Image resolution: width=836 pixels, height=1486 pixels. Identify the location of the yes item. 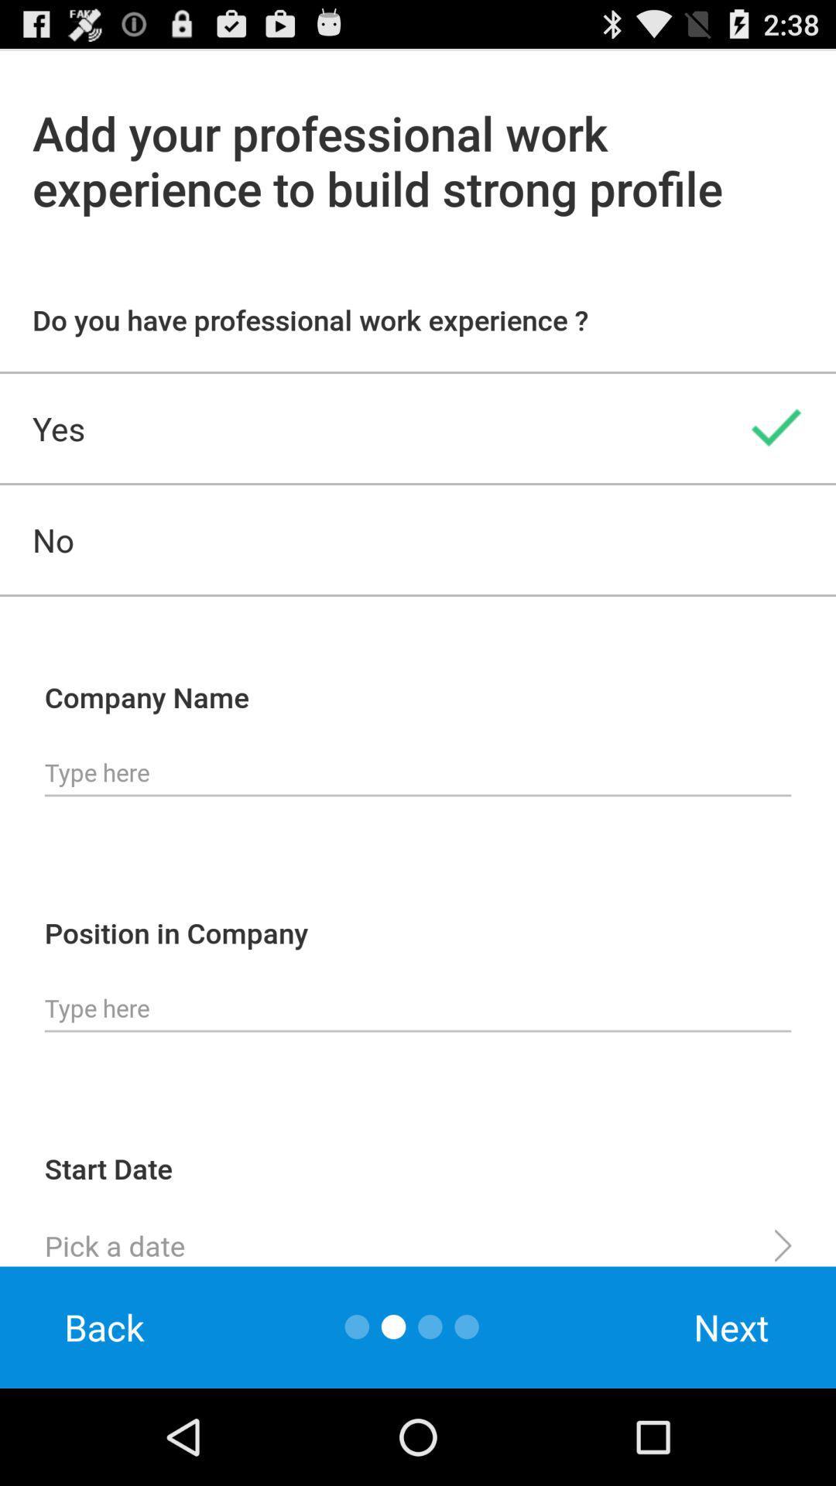
(418, 428).